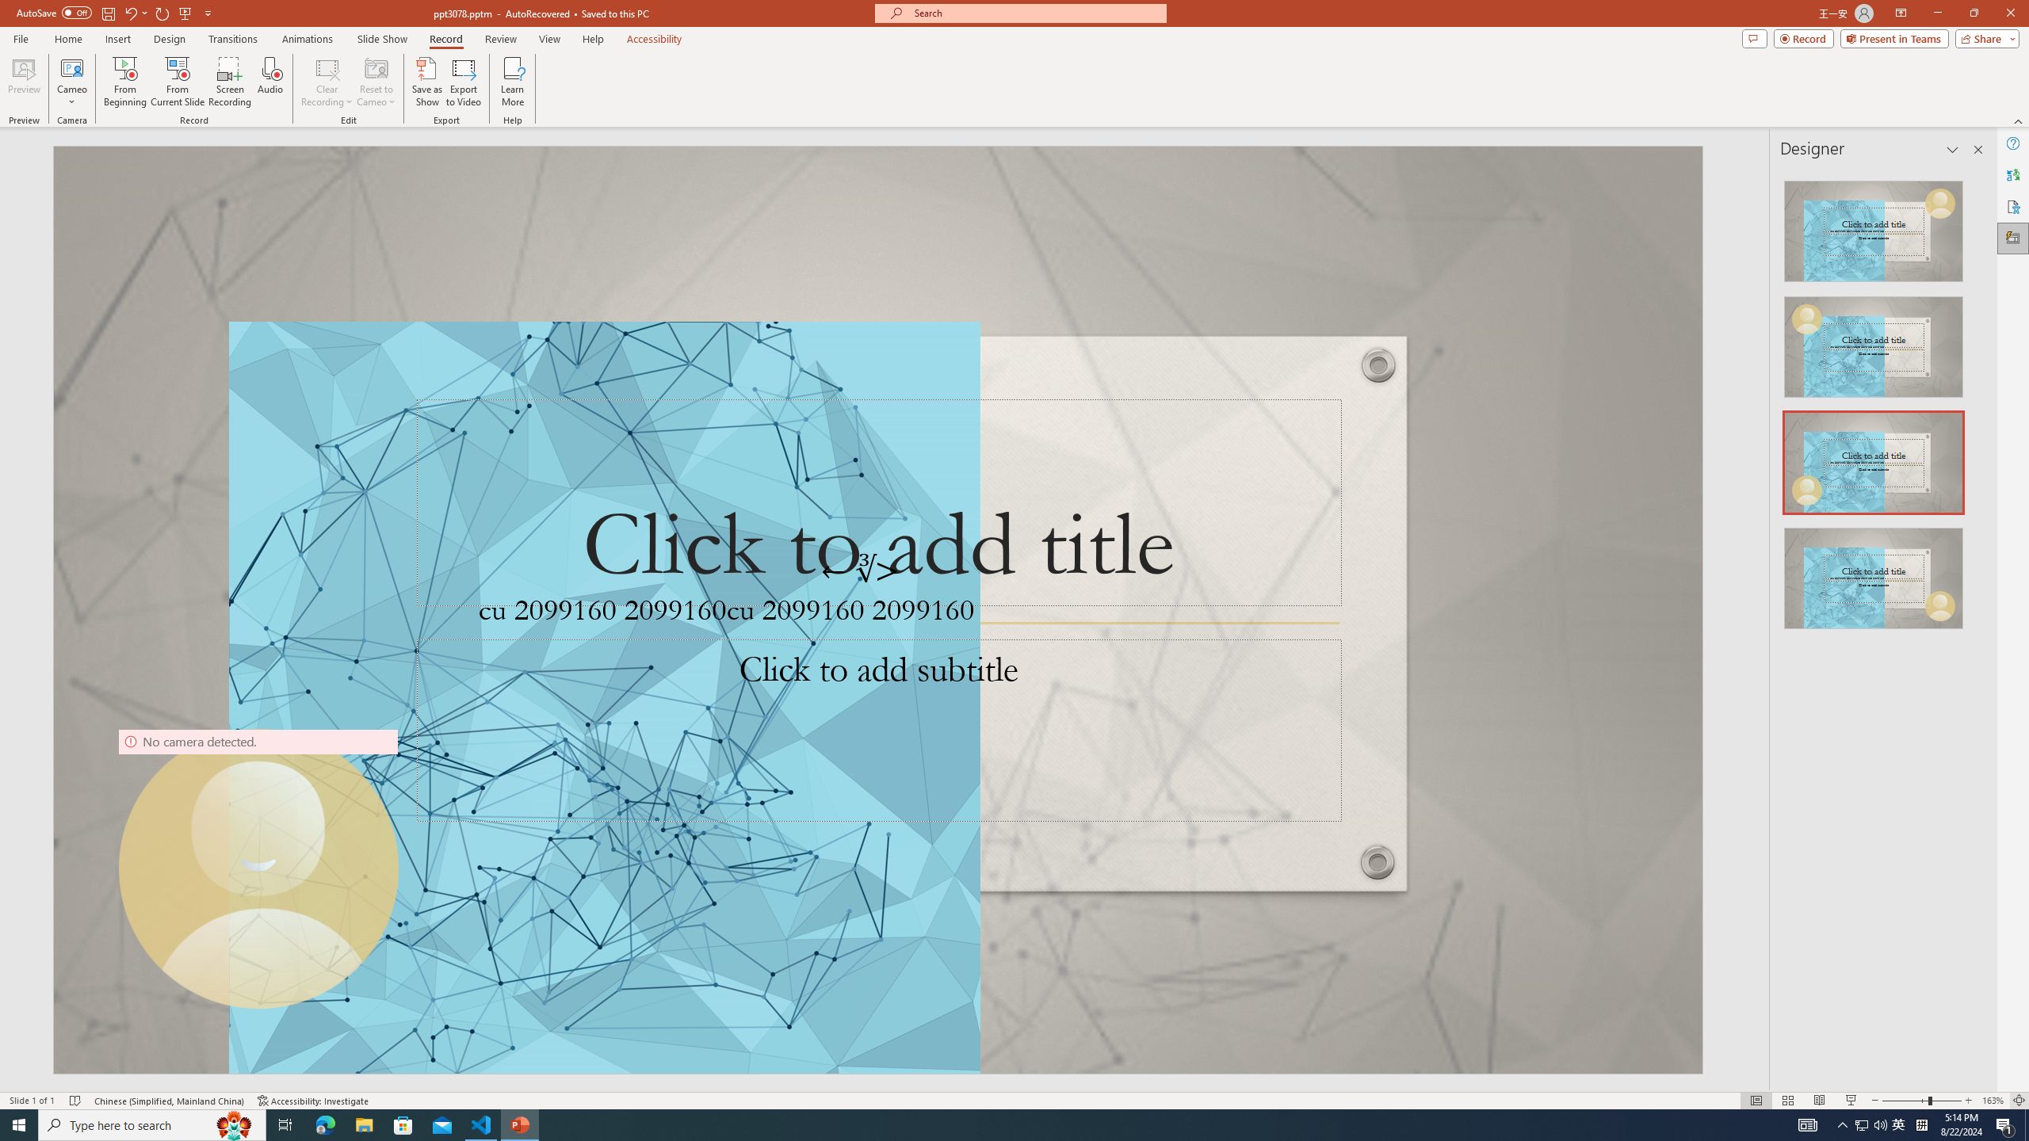  I want to click on 'Recommended Design: Design Idea', so click(1874, 225).